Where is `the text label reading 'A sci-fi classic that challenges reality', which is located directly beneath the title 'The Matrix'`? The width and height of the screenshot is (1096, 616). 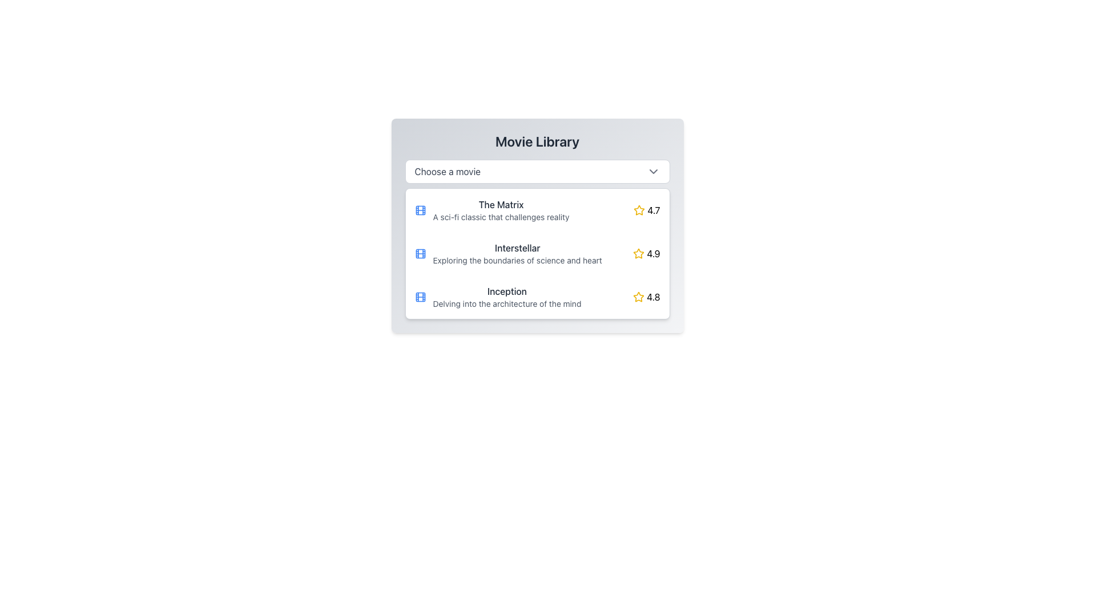
the text label reading 'A sci-fi classic that challenges reality', which is located directly beneath the title 'The Matrix' is located at coordinates (501, 217).